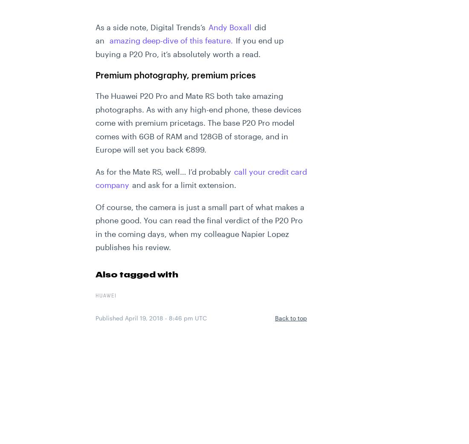 The width and height of the screenshot is (469, 444). What do you see at coordinates (165, 317) in the screenshot?
I see `'April 19, 2018 - 8:46 pm UTC'` at bounding box center [165, 317].